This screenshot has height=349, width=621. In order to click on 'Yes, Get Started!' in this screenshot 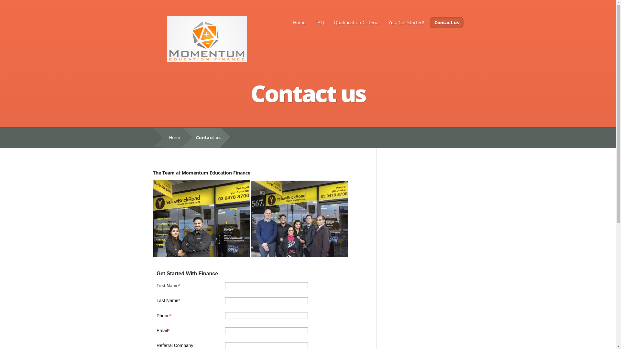, I will do `click(406, 22)`.